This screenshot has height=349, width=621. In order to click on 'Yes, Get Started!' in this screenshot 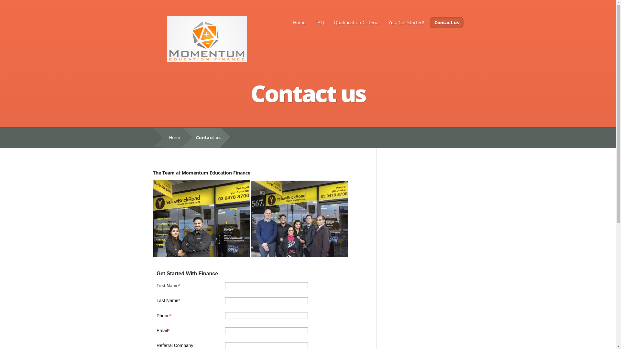, I will do `click(406, 22)`.